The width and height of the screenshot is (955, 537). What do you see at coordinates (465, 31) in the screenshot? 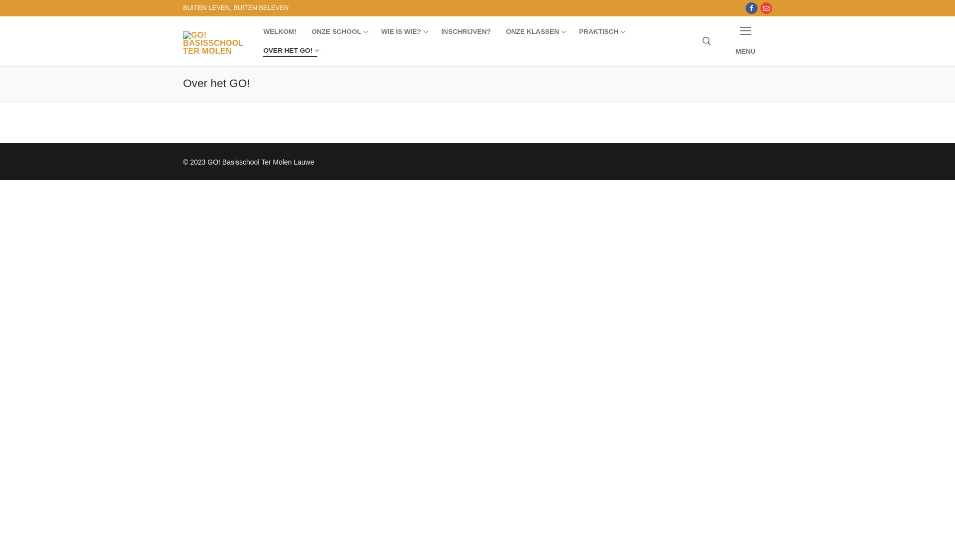
I see `'INSCHRIJVEN?'` at bounding box center [465, 31].